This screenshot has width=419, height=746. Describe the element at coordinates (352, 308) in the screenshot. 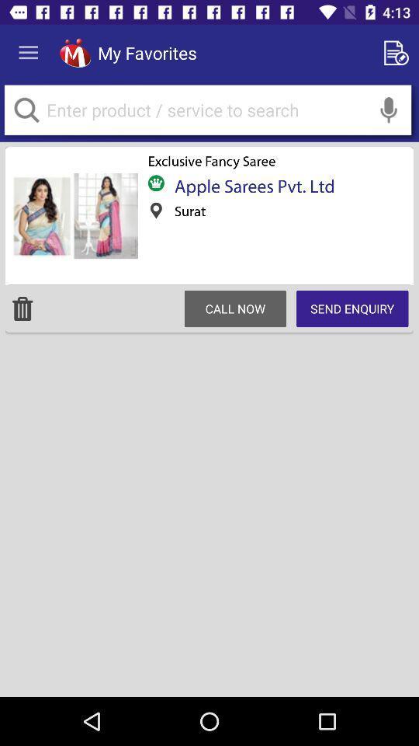

I see `send enquiry item` at that location.